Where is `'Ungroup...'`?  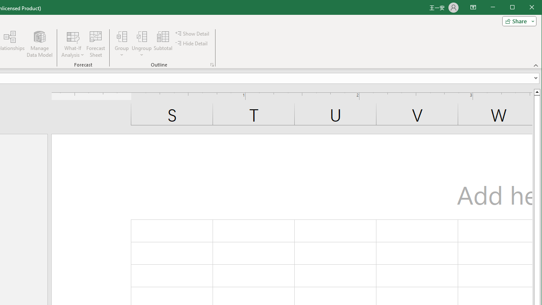 'Ungroup...' is located at coordinates (141, 44).